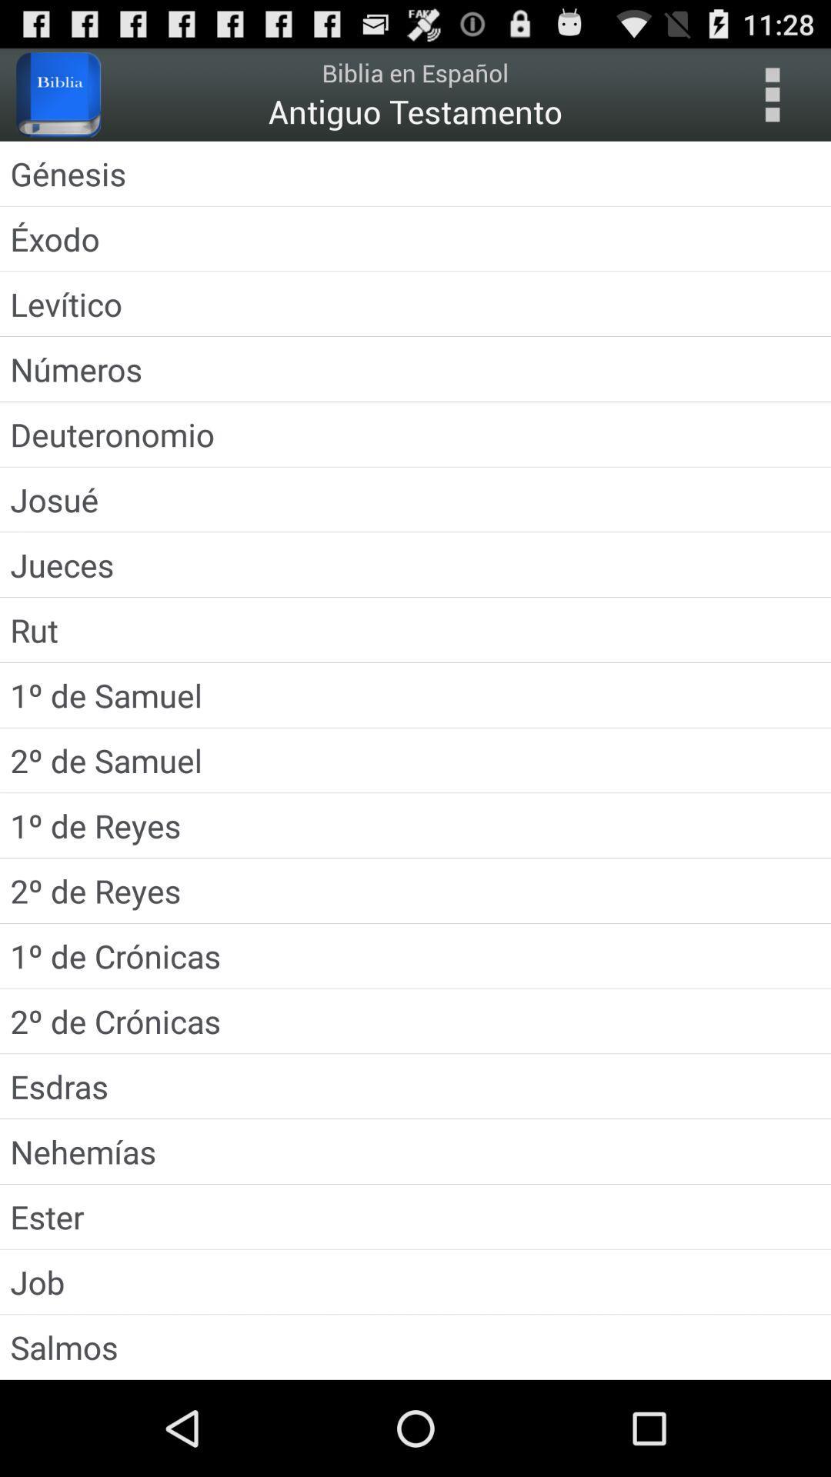  What do you see at coordinates (415, 1152) in the screenshot?
I see `item below esdras icon` at bounding box center [415, 1152].